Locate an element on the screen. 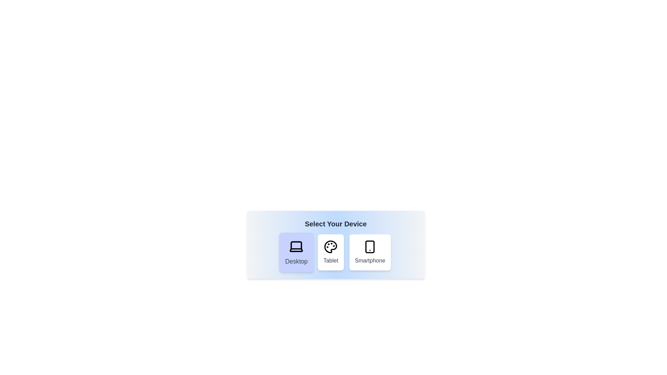 The width and height of the screenshot is (667, 375). the 'Tablet' button, which is the second button in the 'Select Your Device' section. It has a white background, rounded shape, and a palette icon above the label is located at coordinates (336, 252).